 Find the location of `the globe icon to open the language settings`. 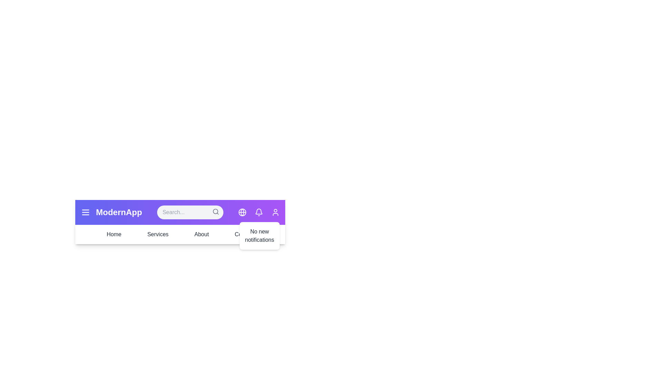

the globe icon to open the language settings is located at coordinates (242, 212).